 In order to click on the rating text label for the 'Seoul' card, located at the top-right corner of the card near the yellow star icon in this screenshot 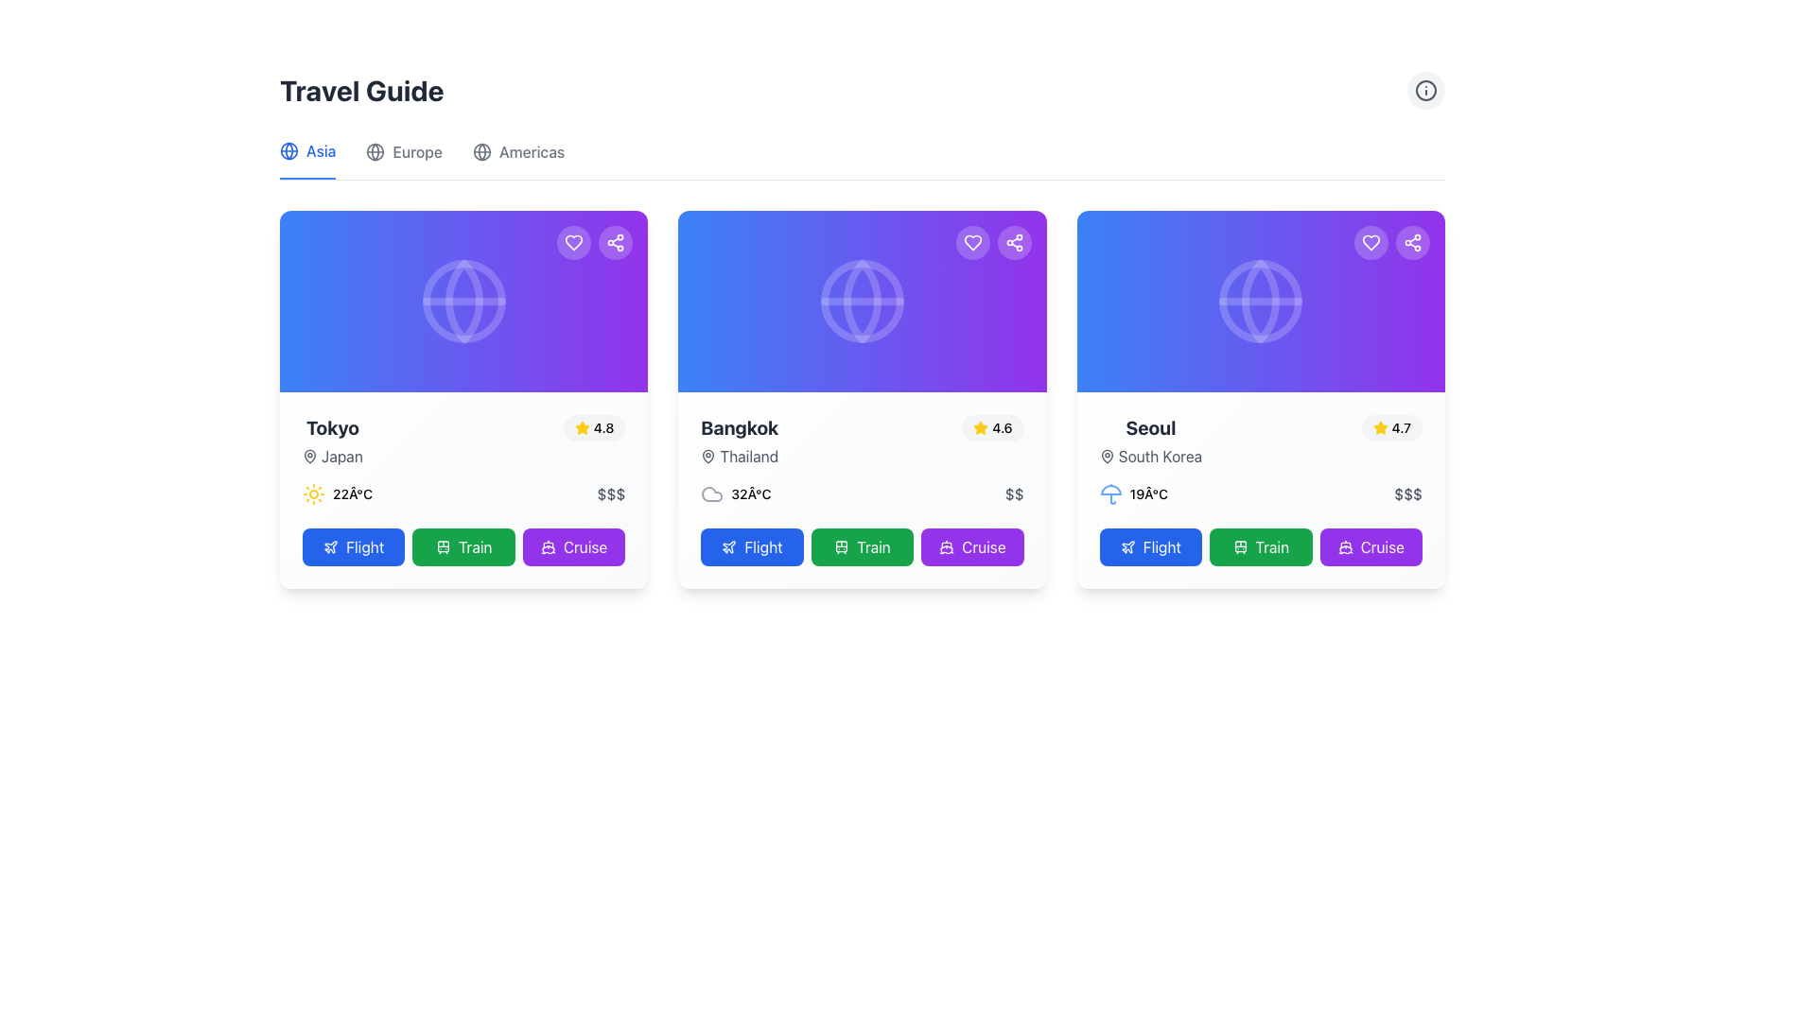, I will do `click(1401, 427)`.